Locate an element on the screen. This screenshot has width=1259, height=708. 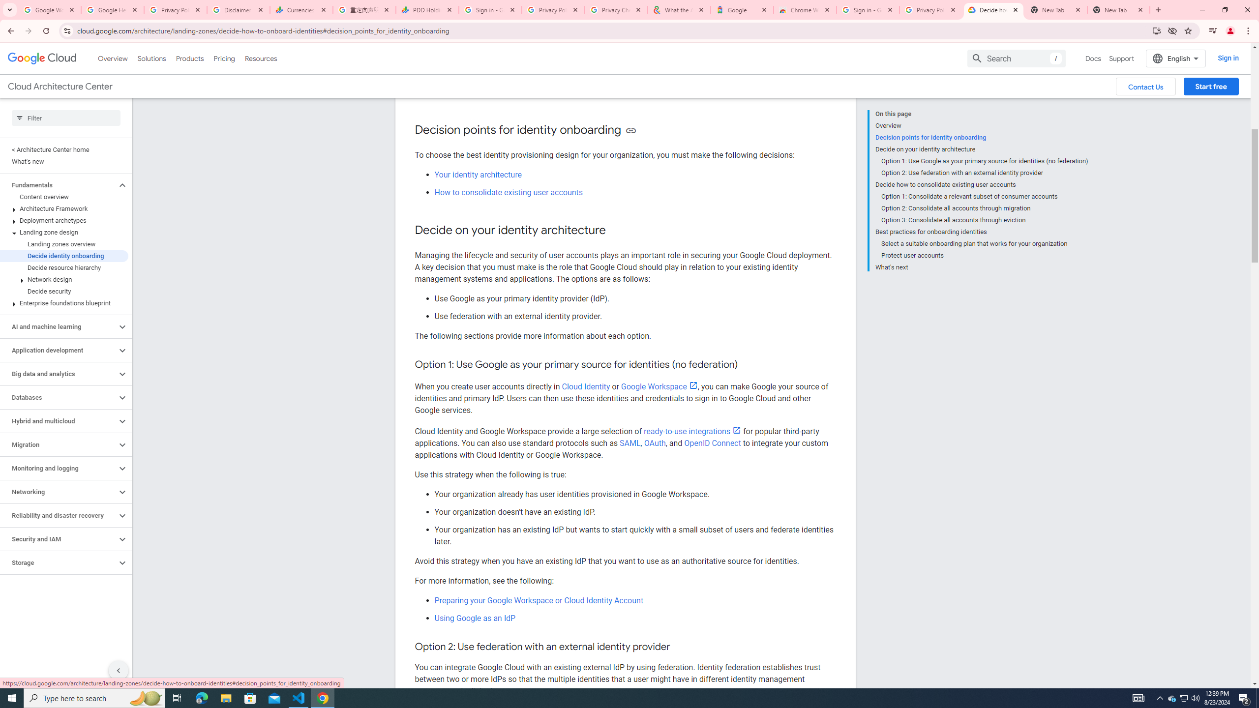
'Option 1: Consolidate a relevant subset of consumer accounts' is located at coordinates (984, 196).